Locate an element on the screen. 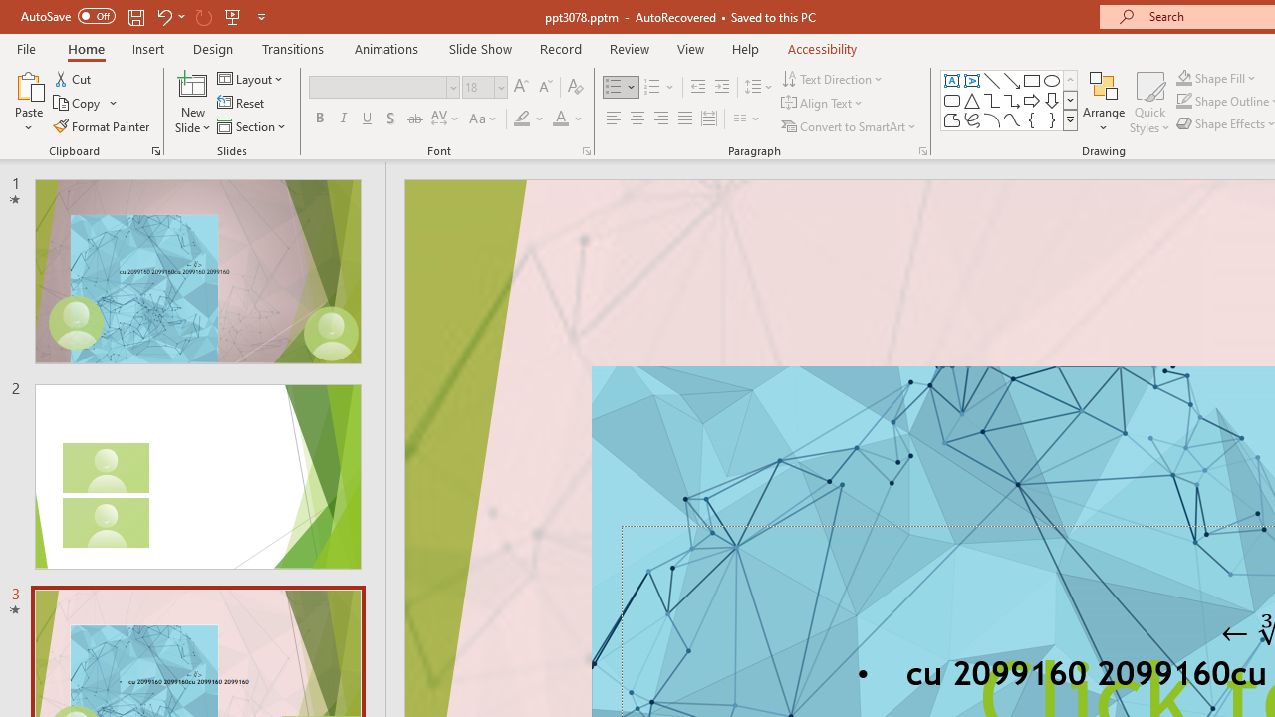 The width and height of the screenshot is (1275, 717). 'Shape Fill Dark Green, Accent 2' is located at coordinates (1184, 77).